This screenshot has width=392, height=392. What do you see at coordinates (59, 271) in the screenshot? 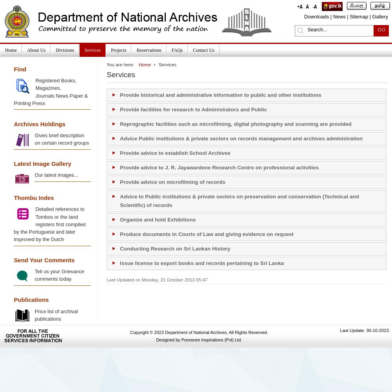
I see `'Tell us your Grievance'` at bounding box center [59, 271].